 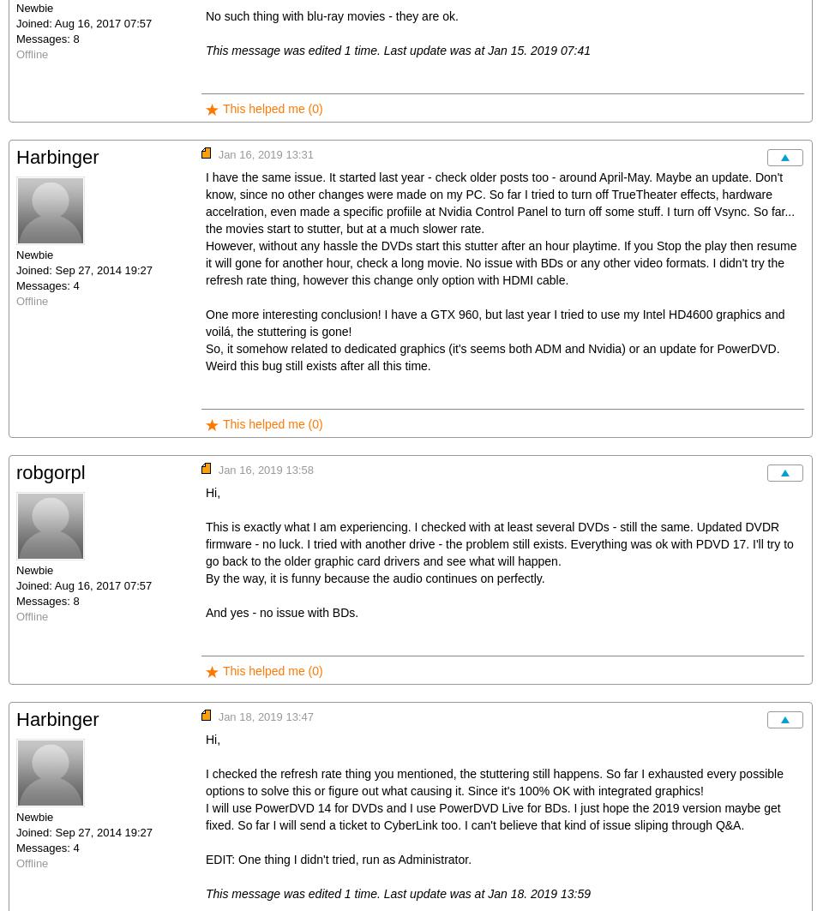 What do you see at coordinates (495, 323) in the screenshot?
I see `'One more interesting conclusion! I have a GTX 960, but last year I tried to use my Intel HD4600 graphics and voilá, the stuttering is gone!'` at bounding box center [495, 323].